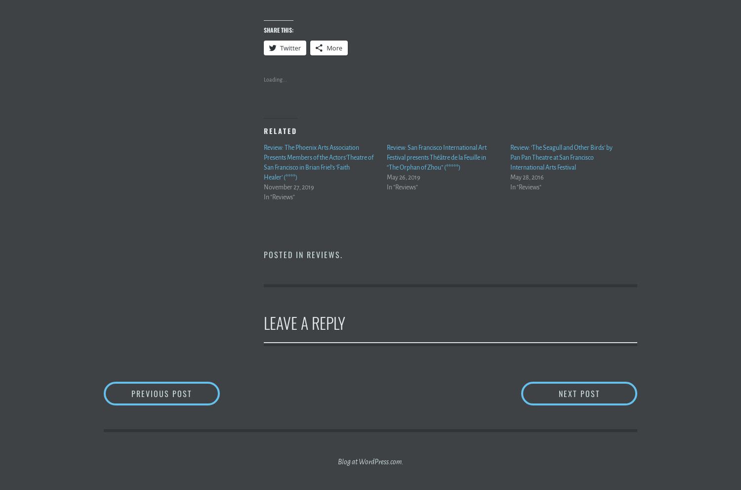 This screenshot has height=490, width=741. What do you see at coordinates (285, 254) in the screenshot?
I see `'Posted in'` at bounding box center [285, 254].